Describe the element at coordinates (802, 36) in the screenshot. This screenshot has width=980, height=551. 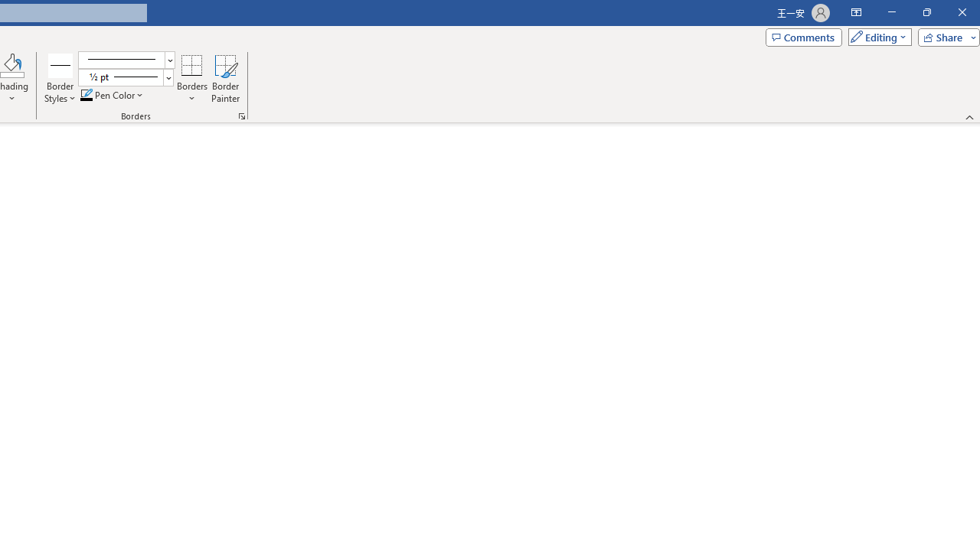
I see `'Comments'` at that location.